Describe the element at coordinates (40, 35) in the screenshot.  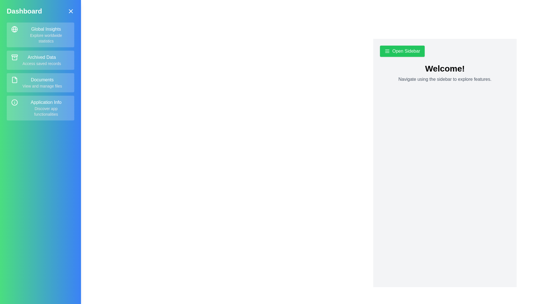
I see `the menu item Global Insights in the sidebar` at that location.